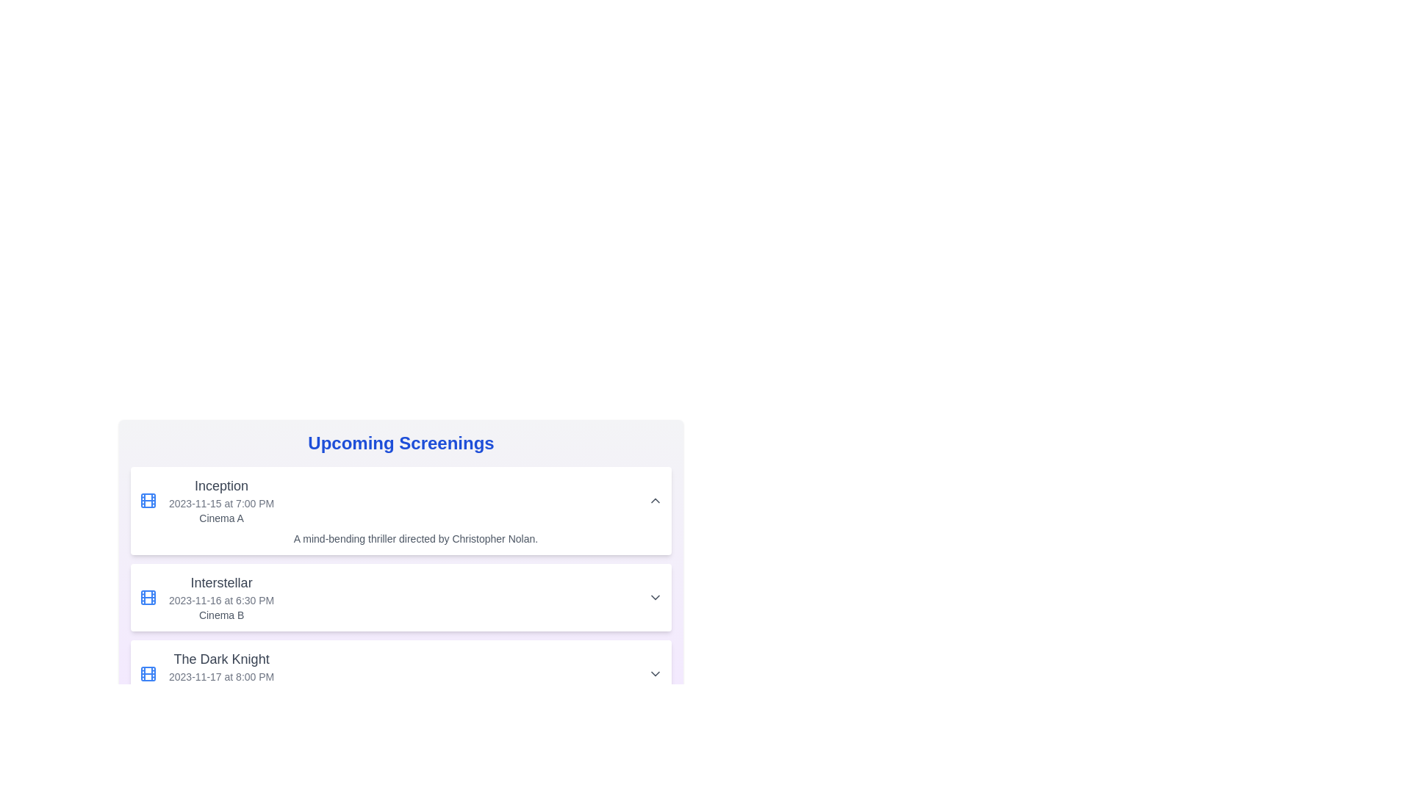  Describe the element at coordinates (148, 674) in the screenshot. I see `the filmstrip icon with a blue outline and white fill located to the left of the text 'The Dark Knight' in the 'Upcoming Screenings' section` at that location.